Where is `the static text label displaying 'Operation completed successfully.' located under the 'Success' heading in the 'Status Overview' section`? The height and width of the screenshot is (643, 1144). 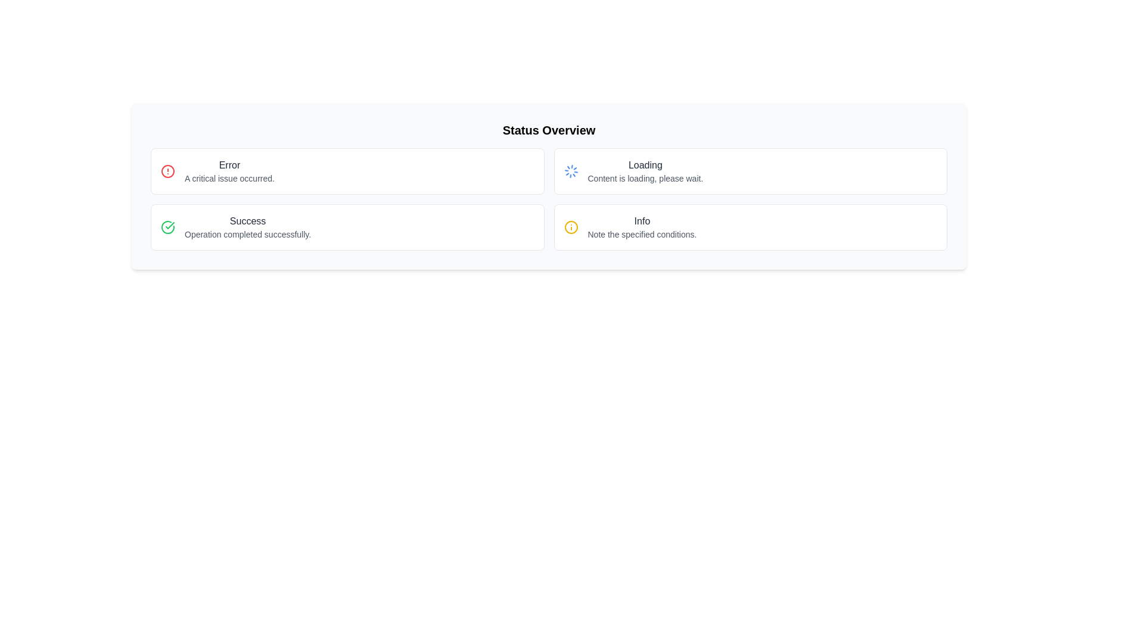 the static text label displaying 'Operation completed successfully.' located under the 'Success' heading in the 'Status Overview' section is located at coordinates (247, 234).